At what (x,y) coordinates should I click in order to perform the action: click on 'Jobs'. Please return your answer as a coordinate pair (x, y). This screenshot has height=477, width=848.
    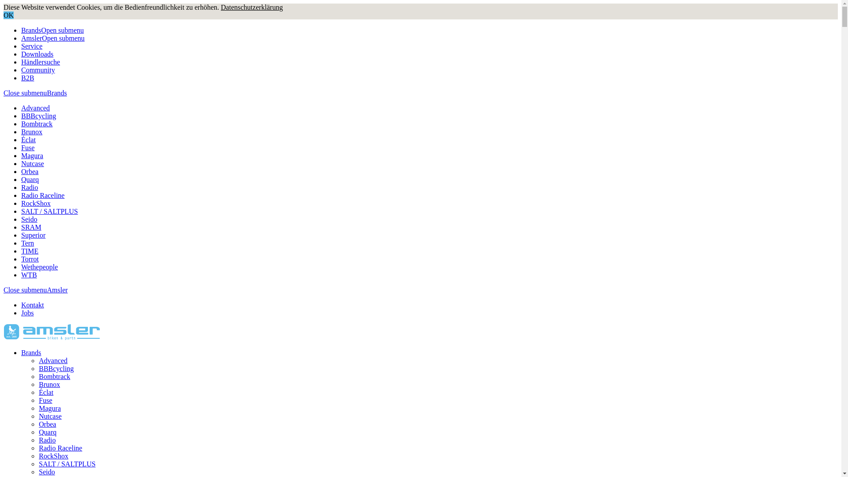
    Looking at the image, I should click on (21, 312).